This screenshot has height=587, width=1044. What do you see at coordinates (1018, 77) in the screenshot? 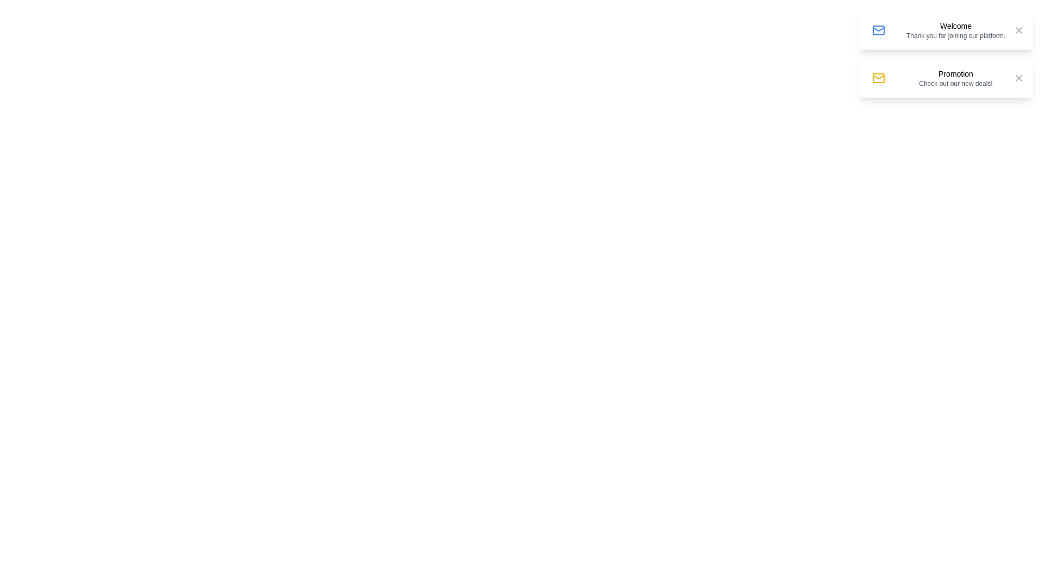
I see `the close button SVG icon located in the top-right corner of the second notification card labeled 'Promotion'` at bounding box center [1018, 77].